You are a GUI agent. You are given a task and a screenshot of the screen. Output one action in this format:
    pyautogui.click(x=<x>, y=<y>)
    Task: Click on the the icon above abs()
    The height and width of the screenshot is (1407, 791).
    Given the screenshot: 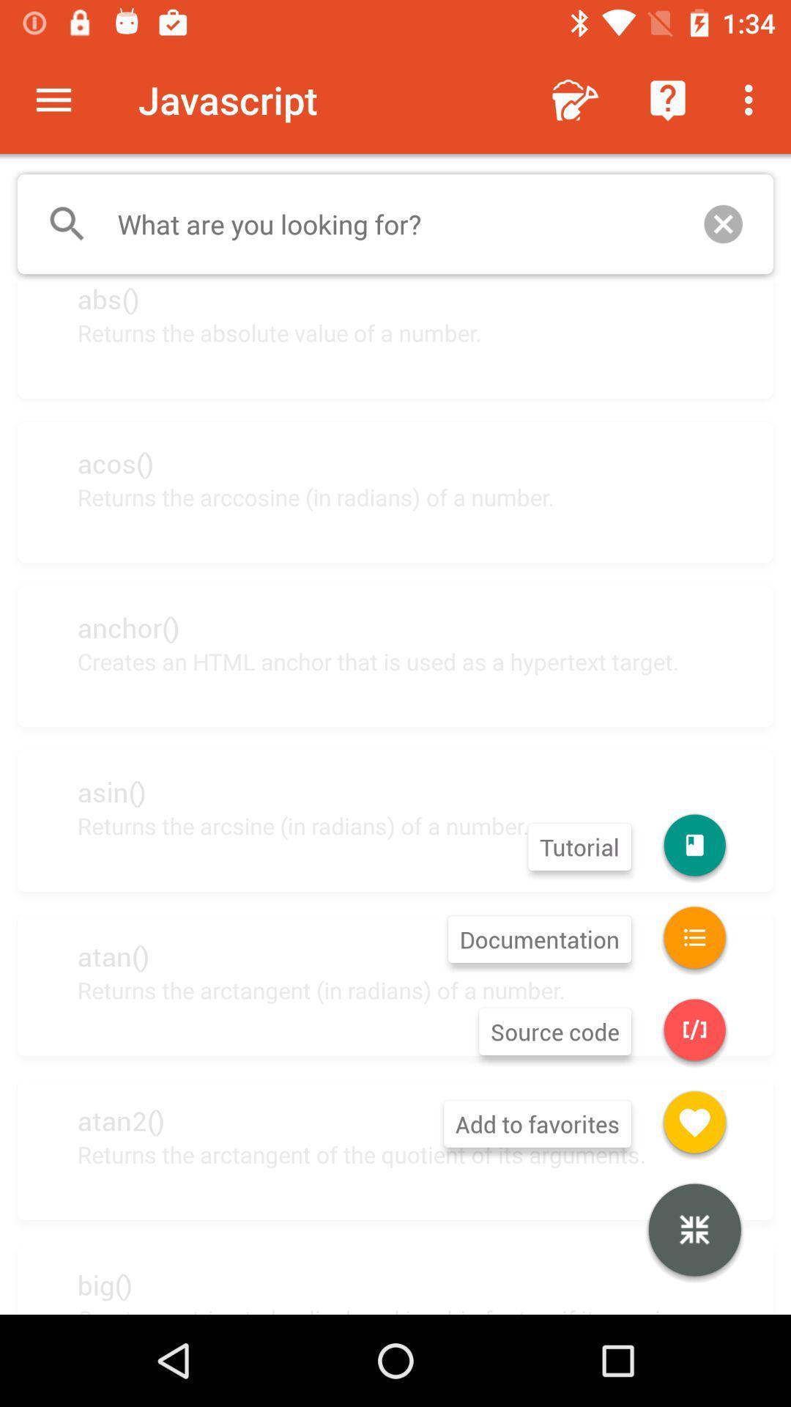 What is the action you would take?
    pyautogui.click(x=395, y=224)
    